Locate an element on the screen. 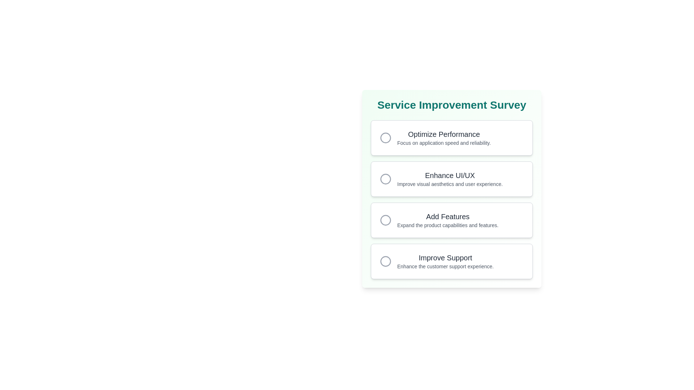 The image size is (694, 390). the text label that says 'Enhance the customer support experience.' which is styled in gray color and located below the bold title in the 'Improve Support' section is located at coordinates (445, 266).